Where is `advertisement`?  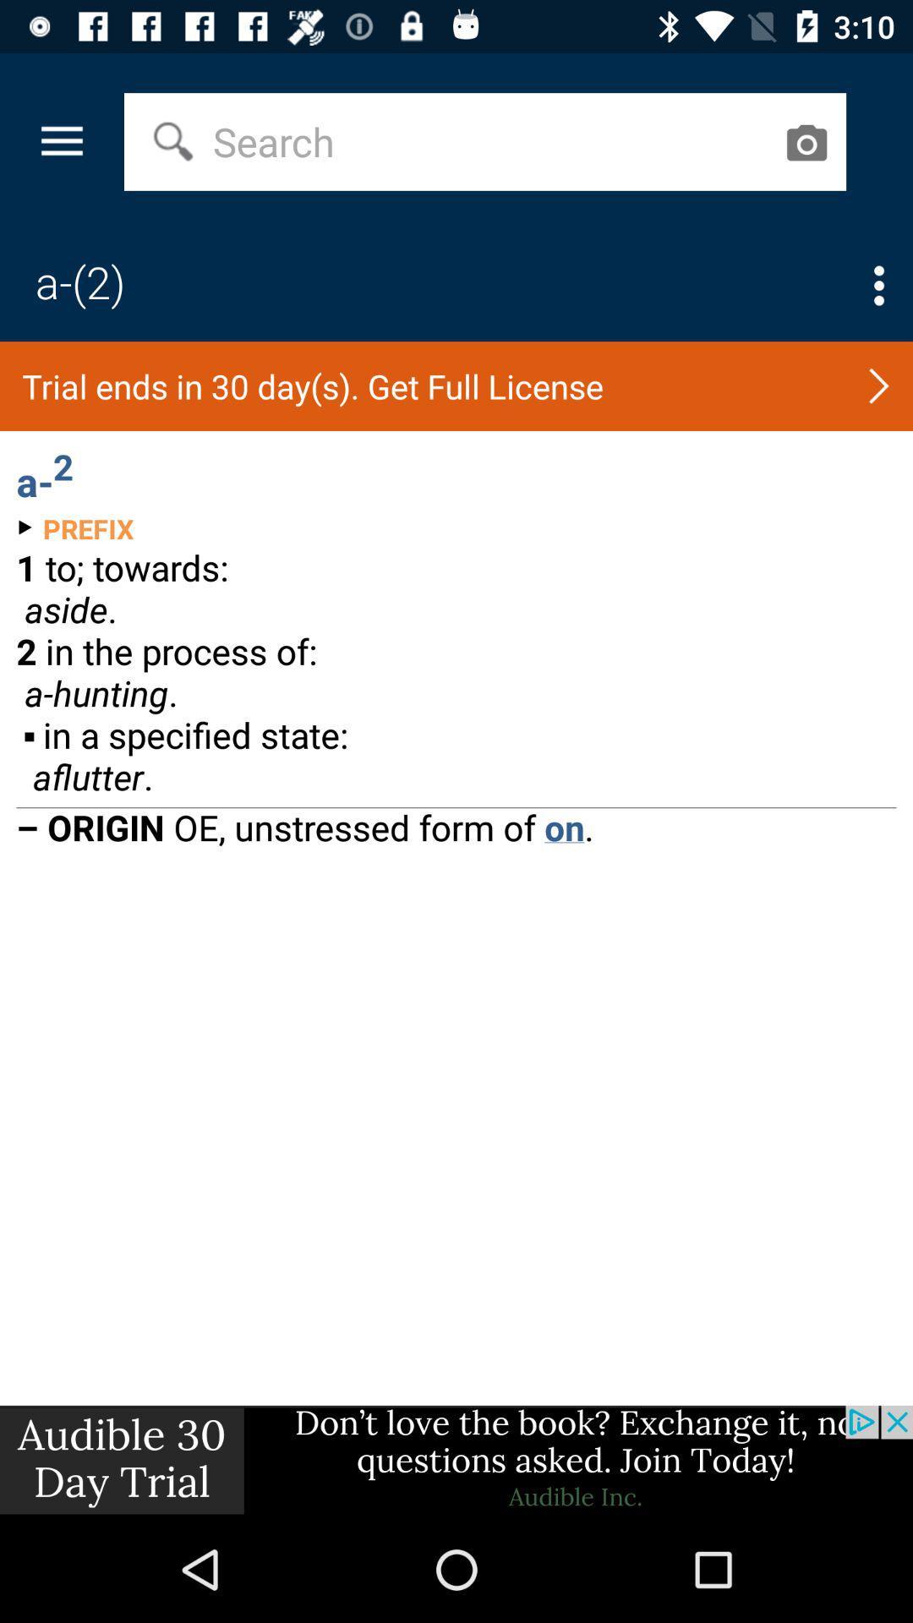 advertisement is located at coordinates (456, 1460).